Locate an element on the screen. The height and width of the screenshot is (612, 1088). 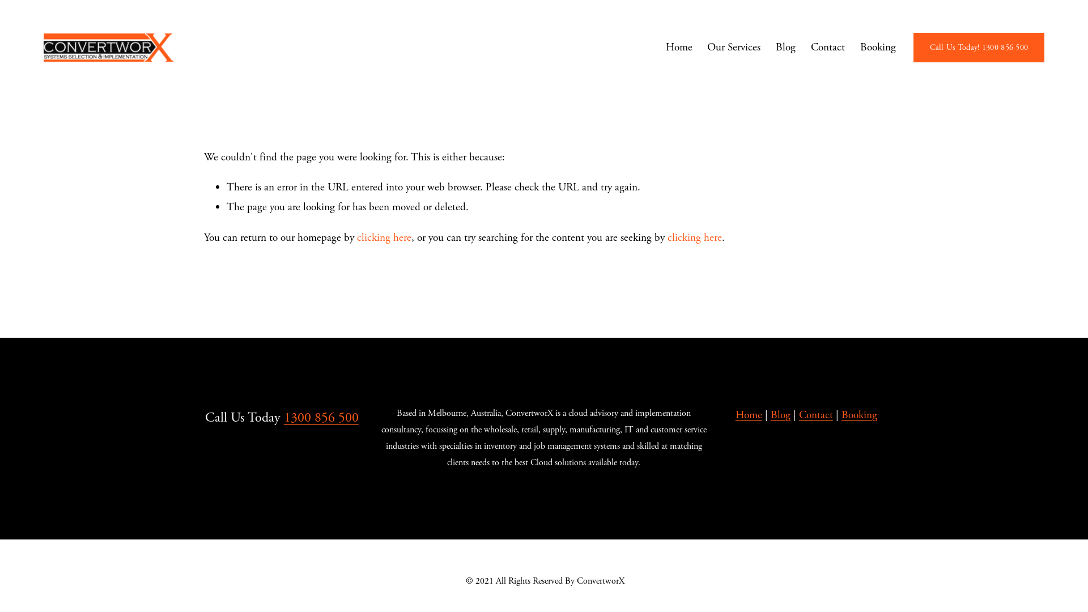
'Home' is located at coordinates (749, 415).